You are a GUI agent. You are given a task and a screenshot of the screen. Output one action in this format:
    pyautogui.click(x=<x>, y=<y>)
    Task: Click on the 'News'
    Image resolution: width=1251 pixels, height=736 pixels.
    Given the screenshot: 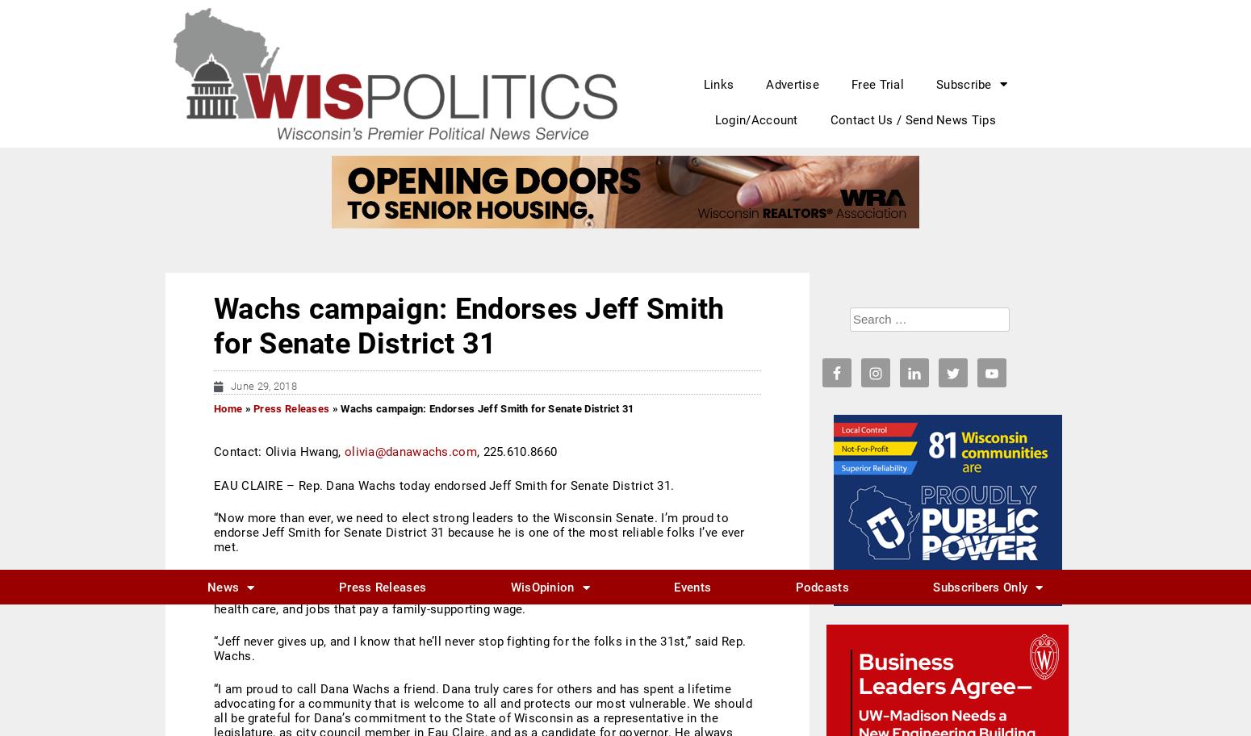 What is the action you would take?
    pyautogui.click(x=207, y=17)
    